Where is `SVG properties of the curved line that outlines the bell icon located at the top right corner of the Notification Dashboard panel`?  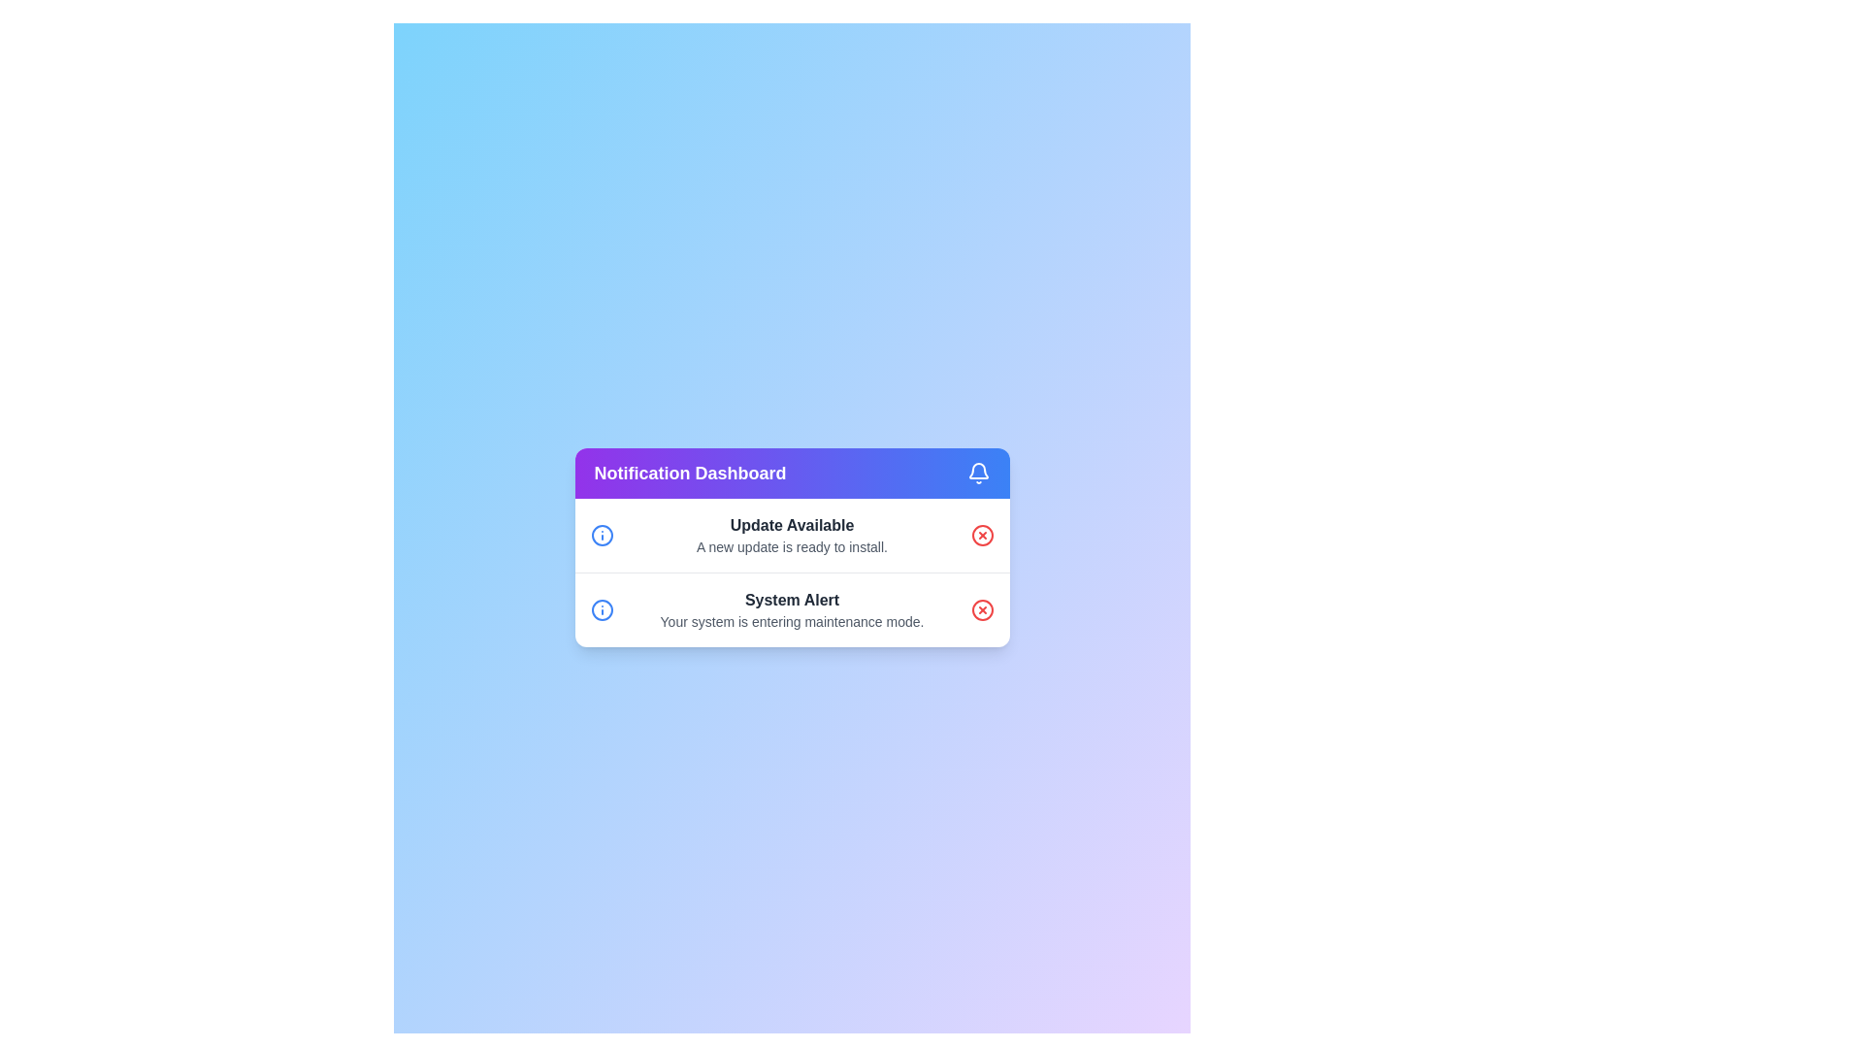 SVG properties of the curved line that outlines the bell icon located at the top right corner of the Notification Dashboard panel is located at coordinates (978, 471).